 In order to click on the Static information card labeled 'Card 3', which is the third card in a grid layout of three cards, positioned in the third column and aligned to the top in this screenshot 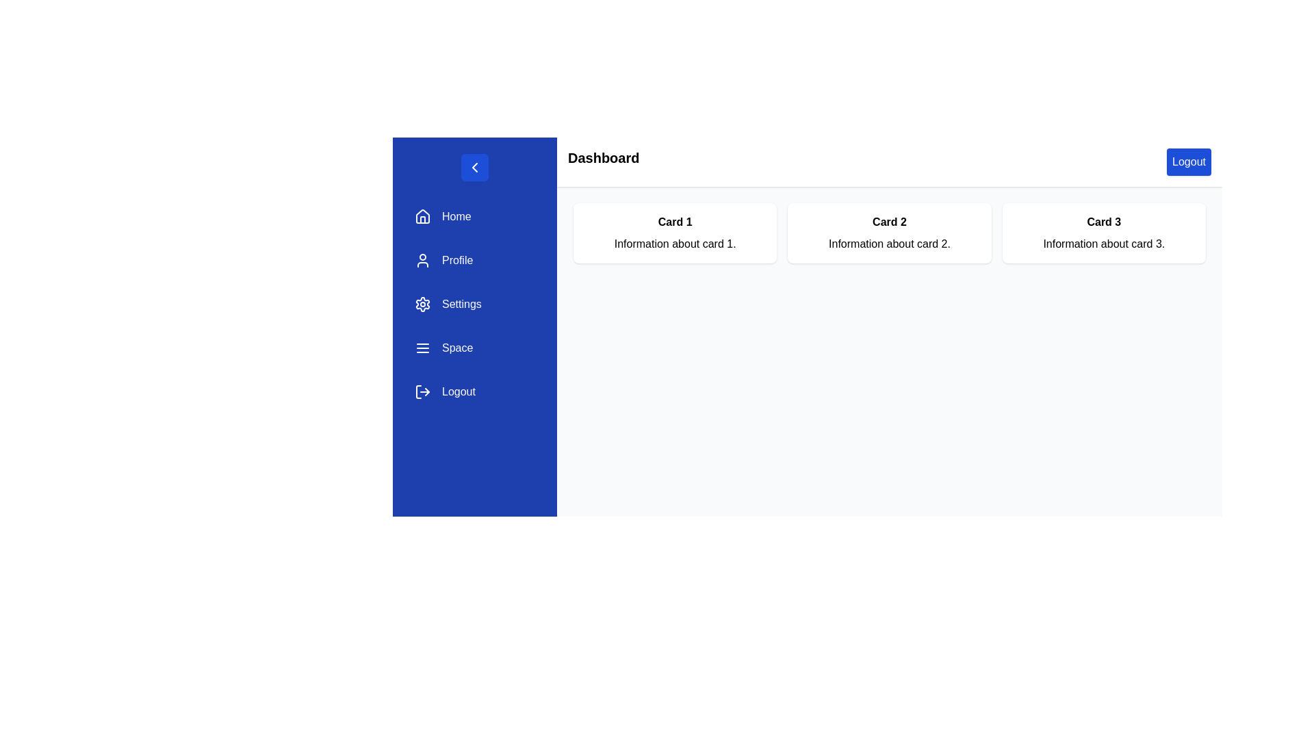, I will do `click(1104, 232)`.